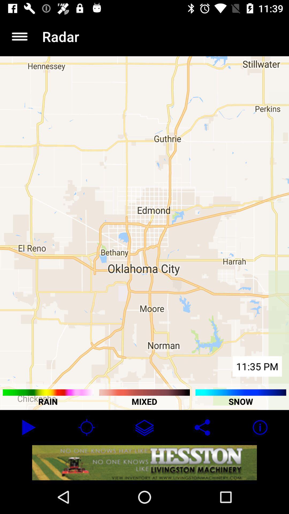  Describe the element at coordinates (19, 36) in the screenshot. I see `menu options` at that location.